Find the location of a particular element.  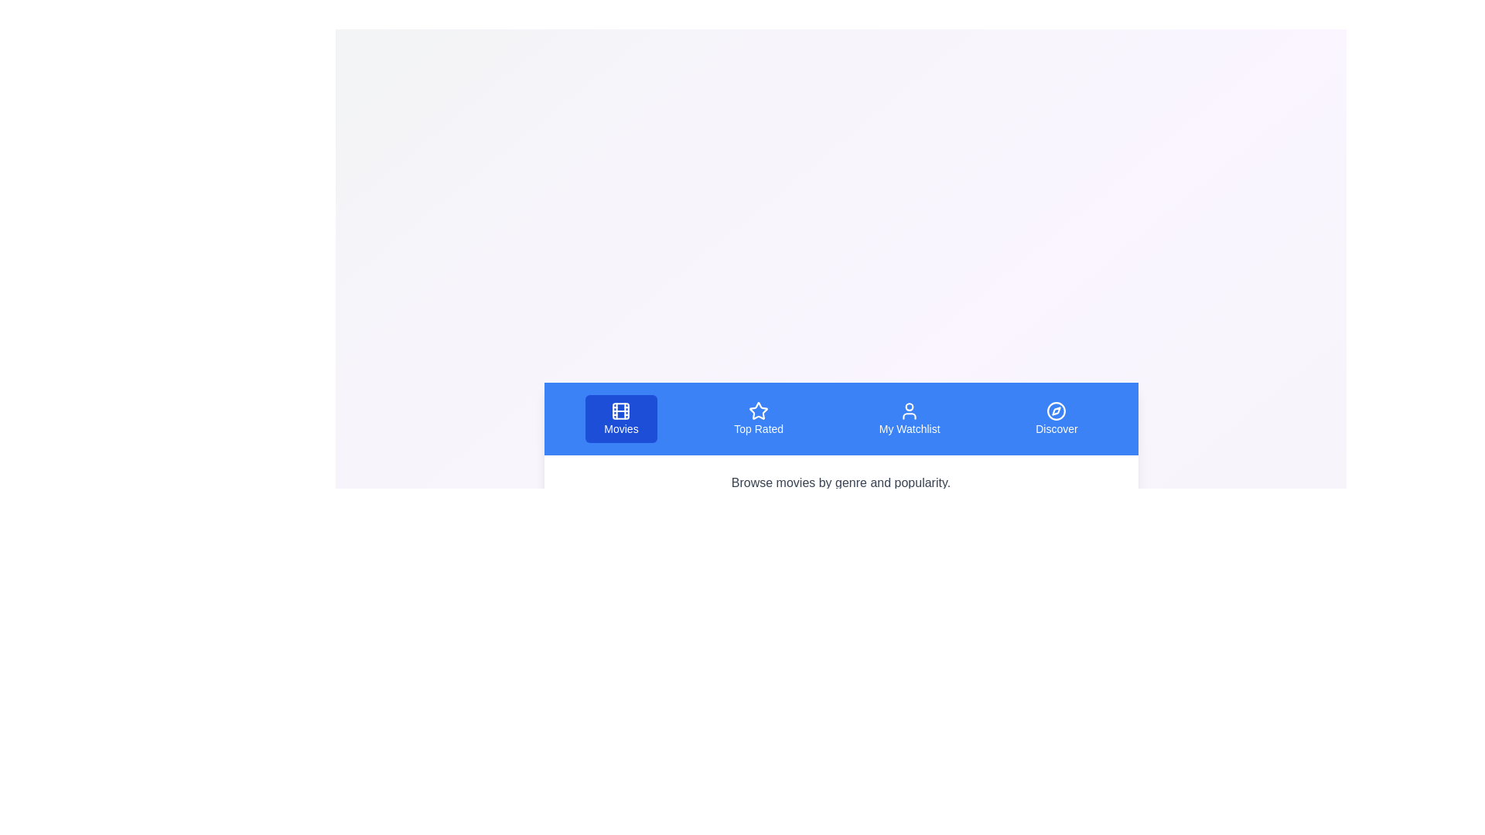

the tab labeled 'My Watchlist' to see its hover effect is located at coordinates (910, 419).